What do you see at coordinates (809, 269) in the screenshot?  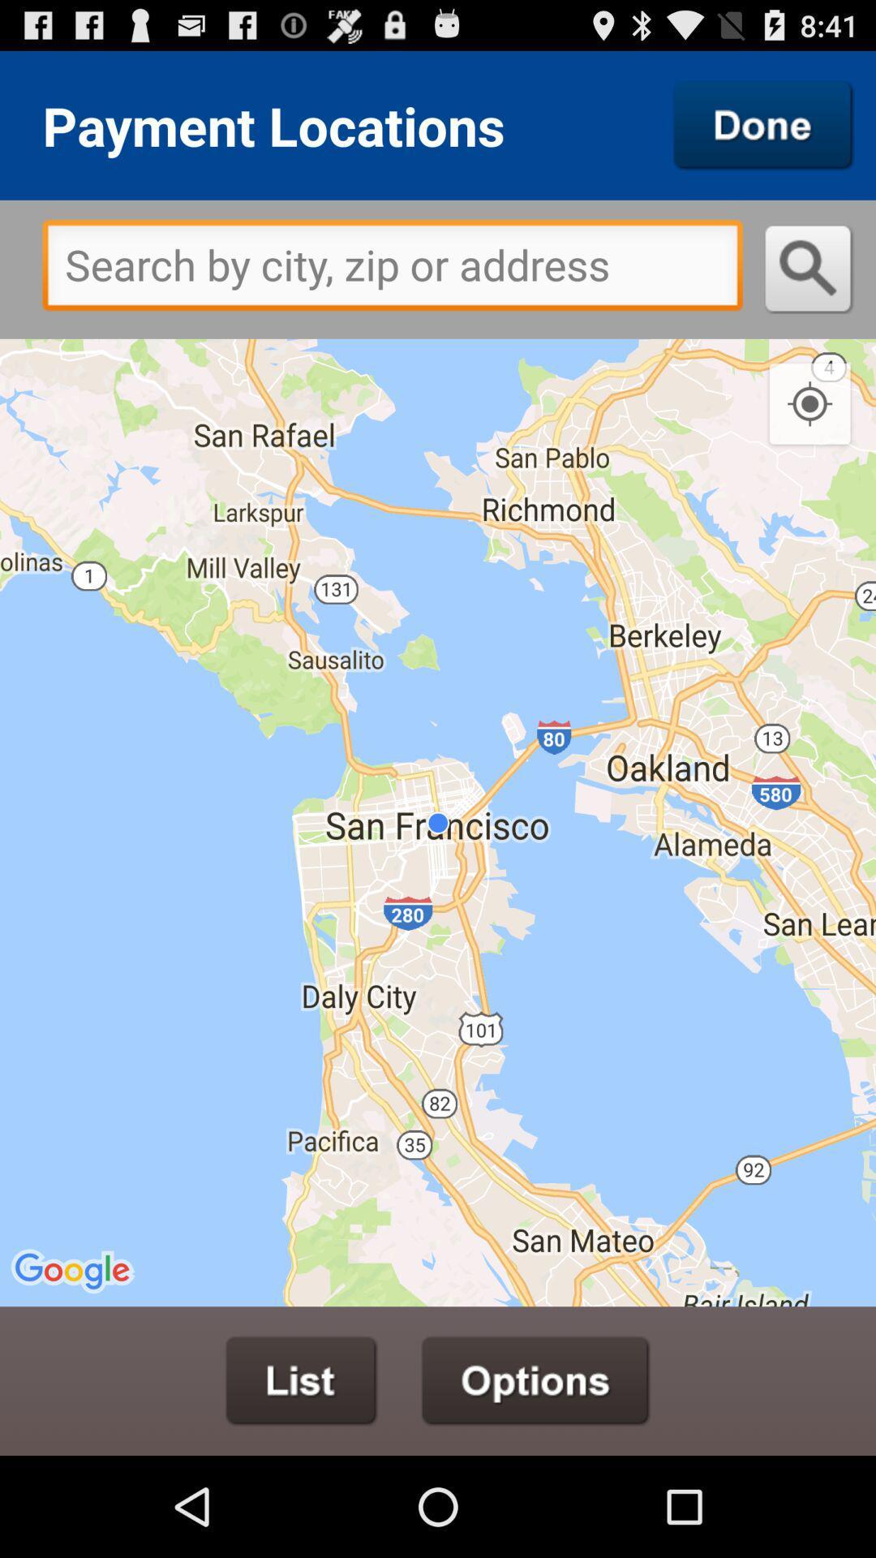 I see `search for location` at bounding box center [809, 269].